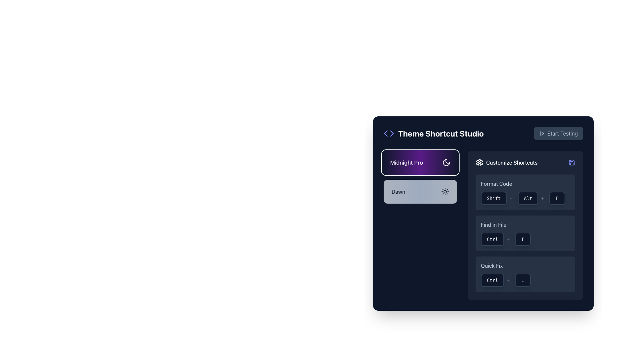  I want to click on the branding icon located at the top-left corner of the 'Theme Shortcut Studio' interface, so click(389, 134).